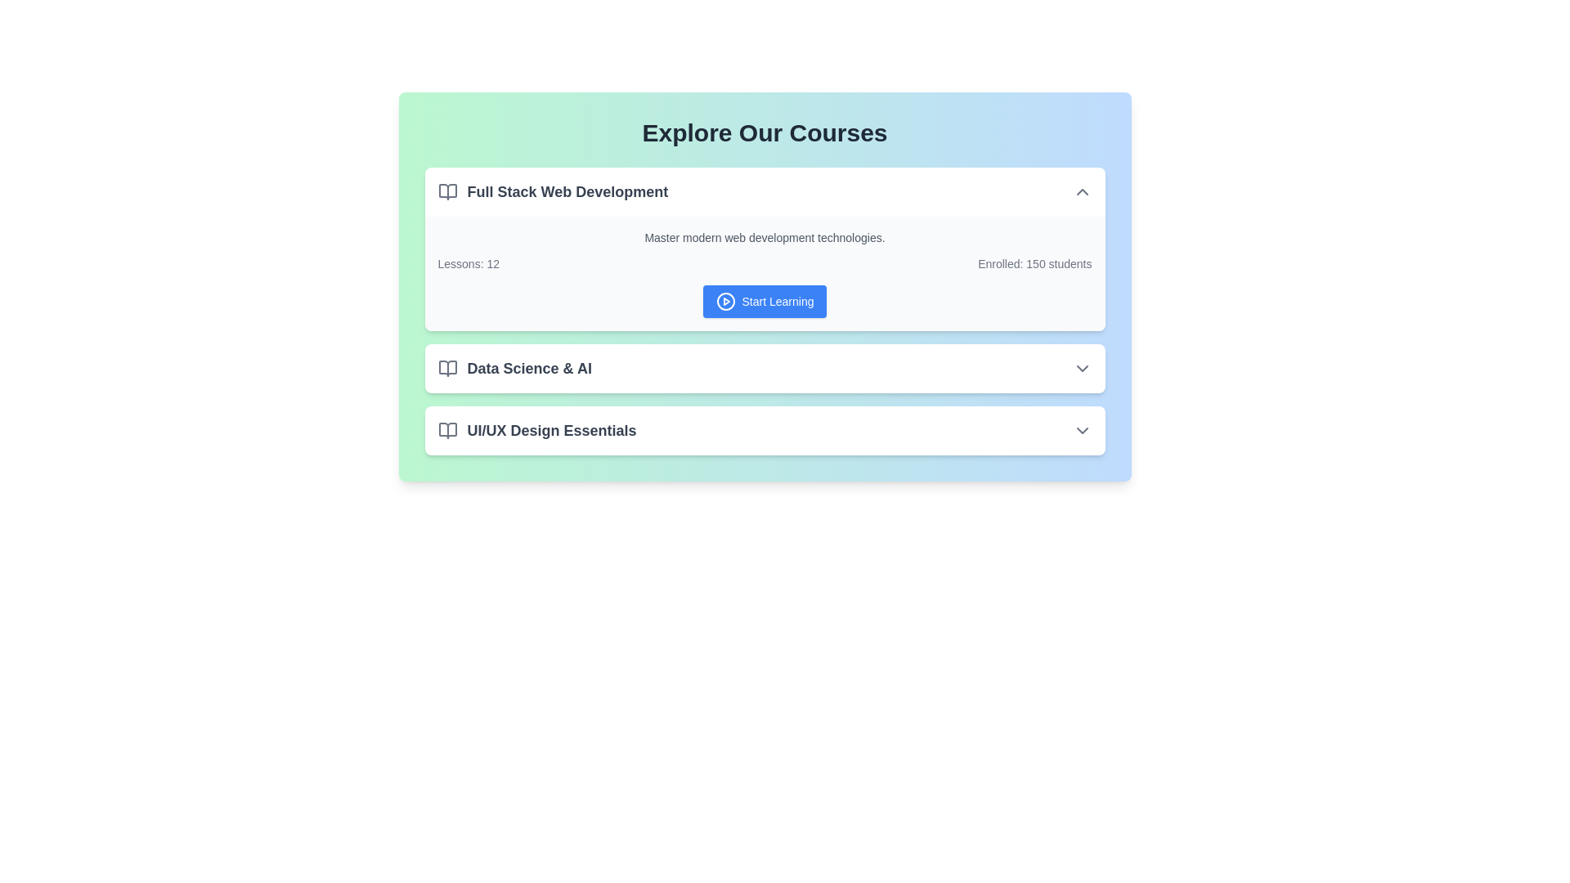 Image resolution: width=1570 pixels, height=883 pixels. What do you see at coordinates (1082, 191) in the screenshot?
I see `the upward-pointing chevron arrow icon, which is styled in gray and positioned at the far right end of the section displaying 'Full Stack Web Development'` at bounding box center [1082, 191].